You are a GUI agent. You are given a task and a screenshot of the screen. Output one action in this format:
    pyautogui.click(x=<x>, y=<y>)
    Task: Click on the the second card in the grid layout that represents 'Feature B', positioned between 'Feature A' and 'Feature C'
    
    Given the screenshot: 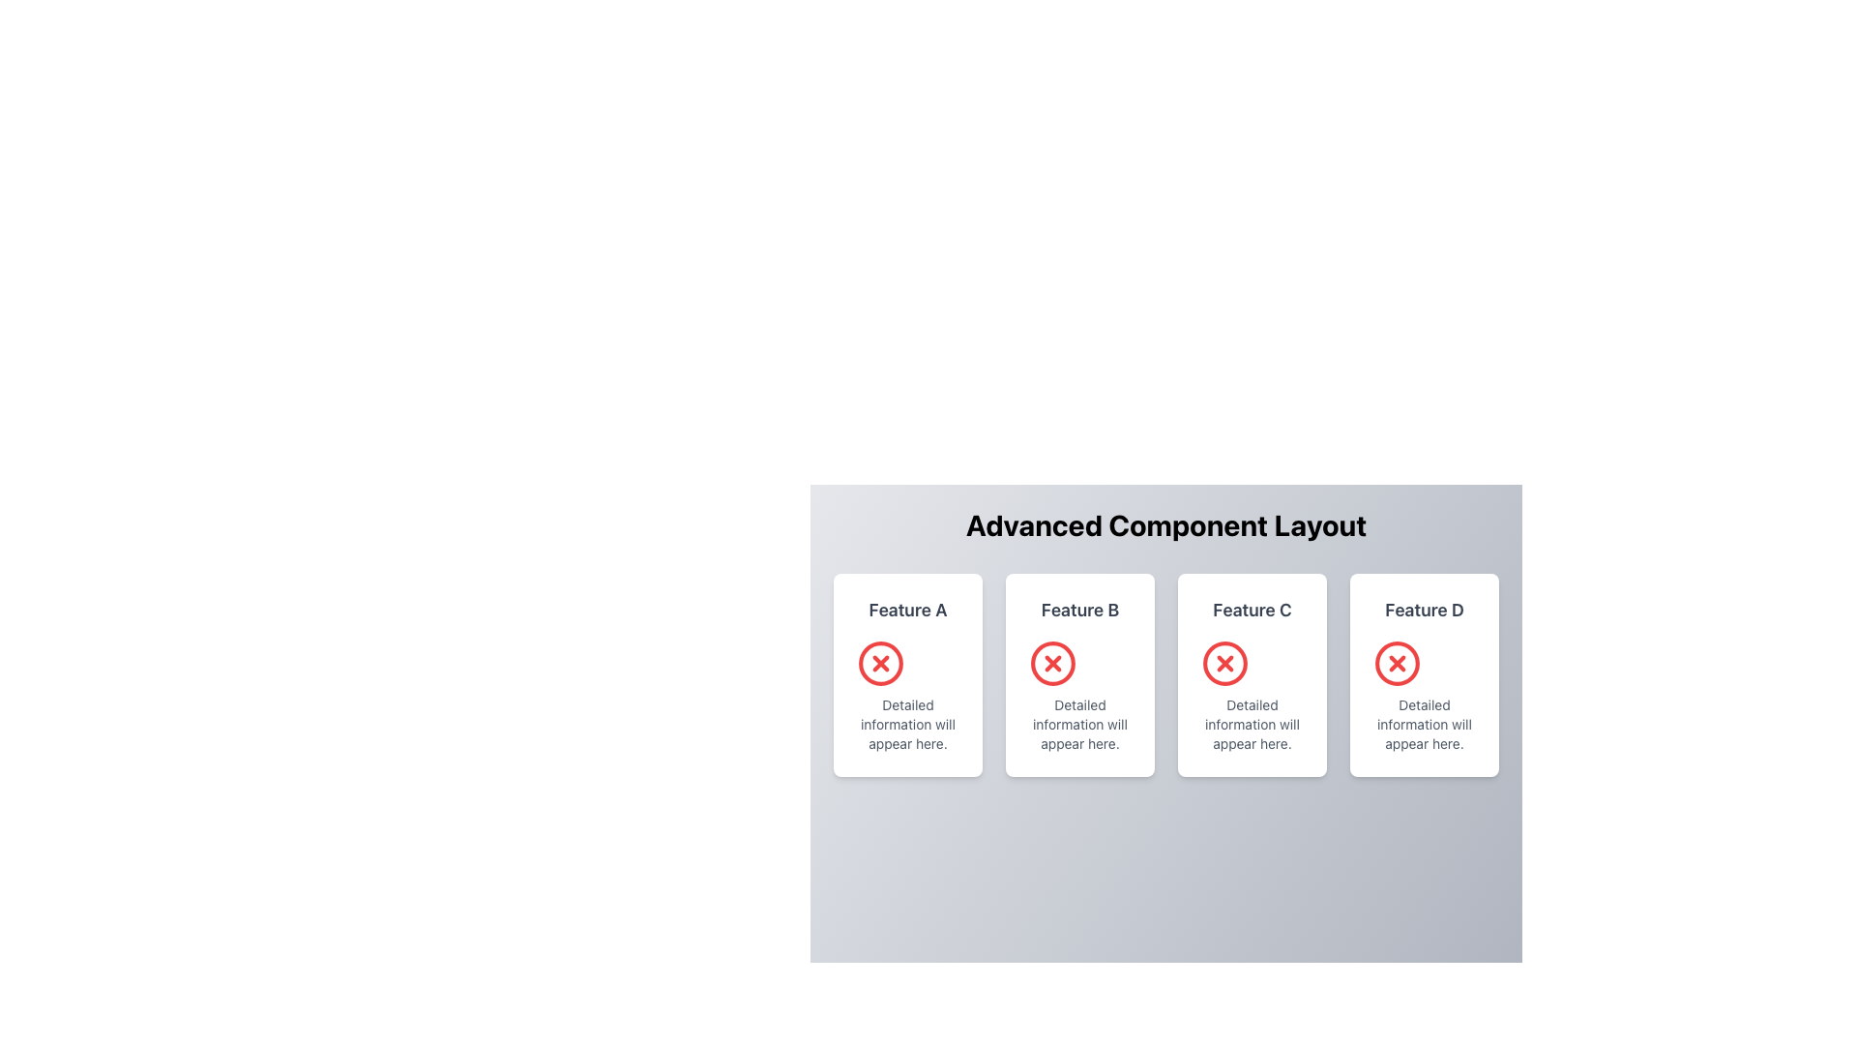 What is the action you would take?
    pyautogui.click(x=1079, y=674)
    